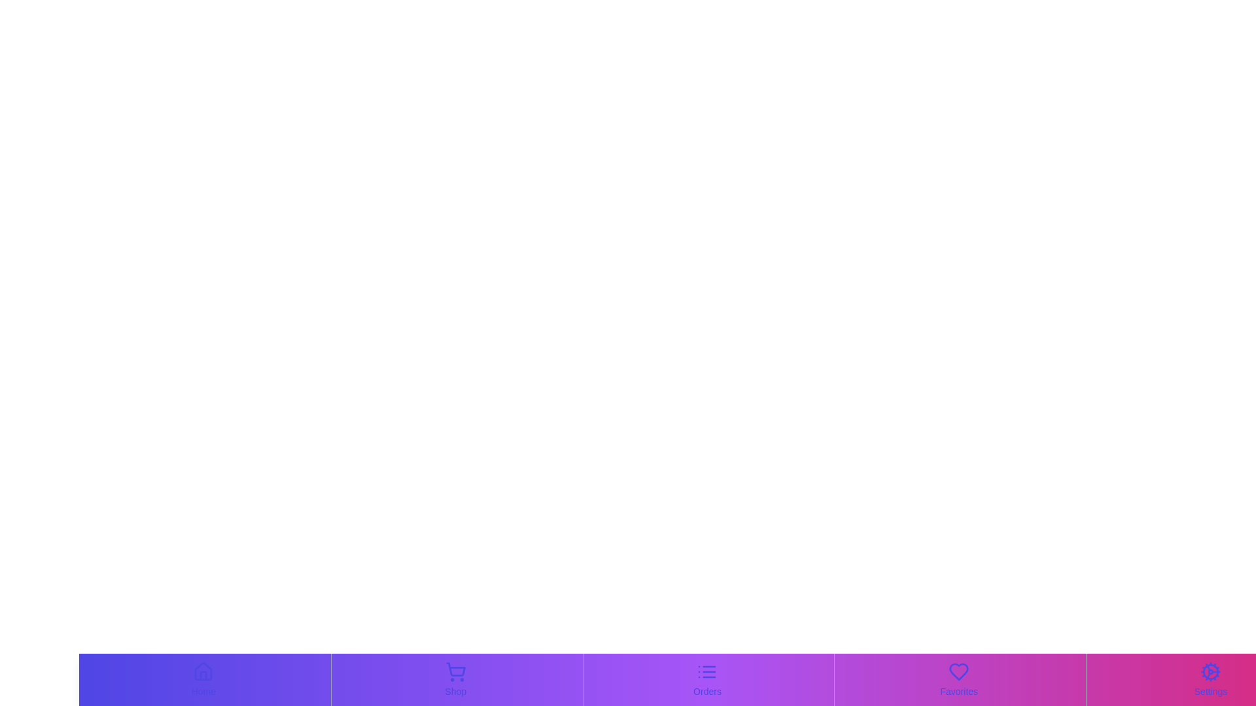 The image size is (1256, 706). I want to click on the Shop navigation tab, so click(455, 679).